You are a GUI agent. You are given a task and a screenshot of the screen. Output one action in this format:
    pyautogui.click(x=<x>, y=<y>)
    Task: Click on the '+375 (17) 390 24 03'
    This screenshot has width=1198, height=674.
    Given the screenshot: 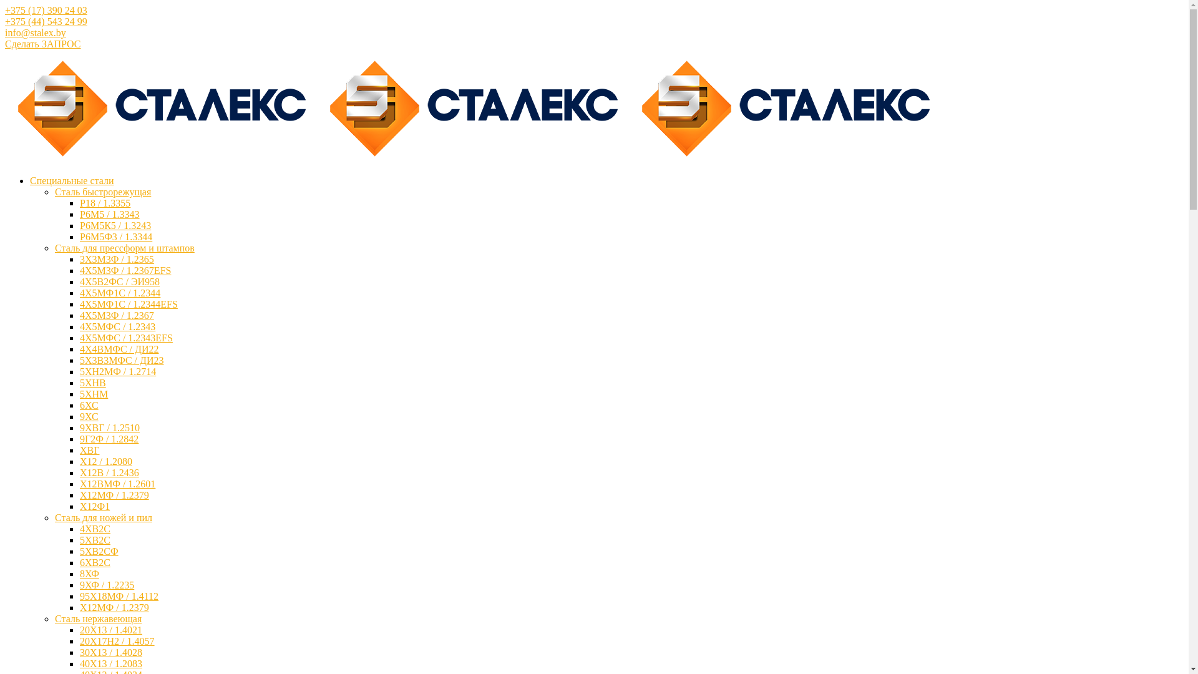 What is the action you would take?
    pyautogui.click(x=46, y=10)
    